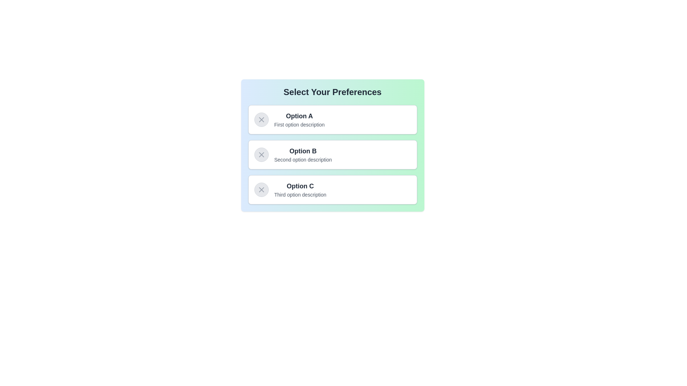 Image resolution: width=687 pixels, height=386 pixels. I want to click on the Text label providing additional details for the 'Option C' selection, which is positioned directly beneath the heading 'Option C' in the third box of a vertically stacked group of options, so click(300, 194).